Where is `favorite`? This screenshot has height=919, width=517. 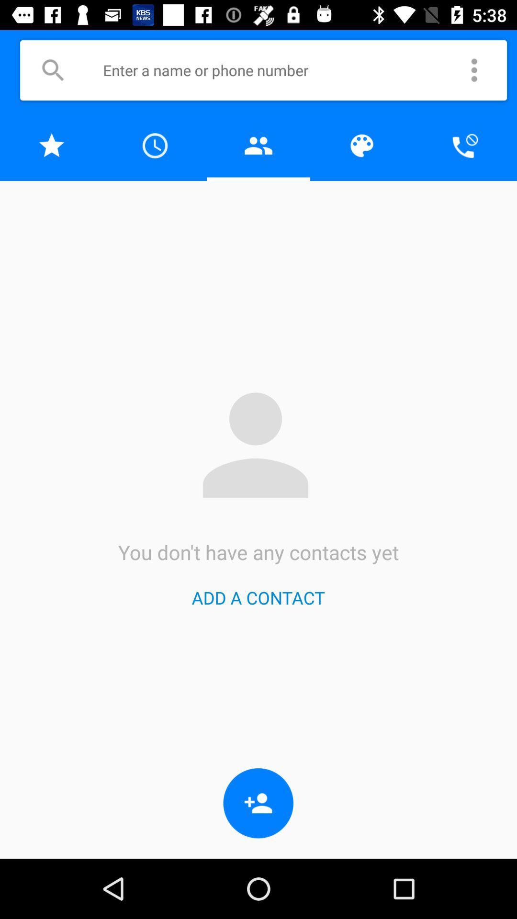 favorite is located at coordinates (52, 145).